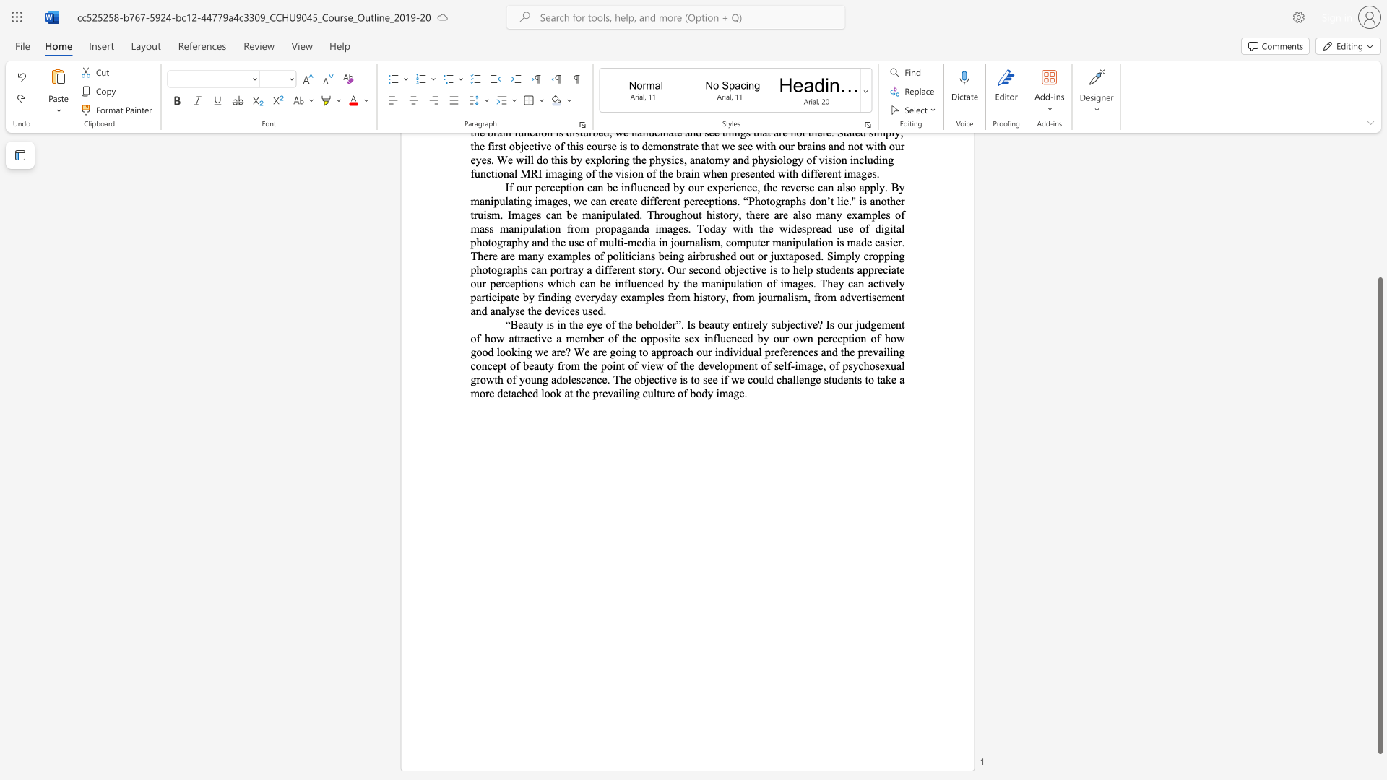 This screenshot has height=780, width=1387. What do you see at coordinates (1379, 515) in the screenshot?
I see `the scrollbar and move down 40 pixels` at bounding box center [1379, 515].